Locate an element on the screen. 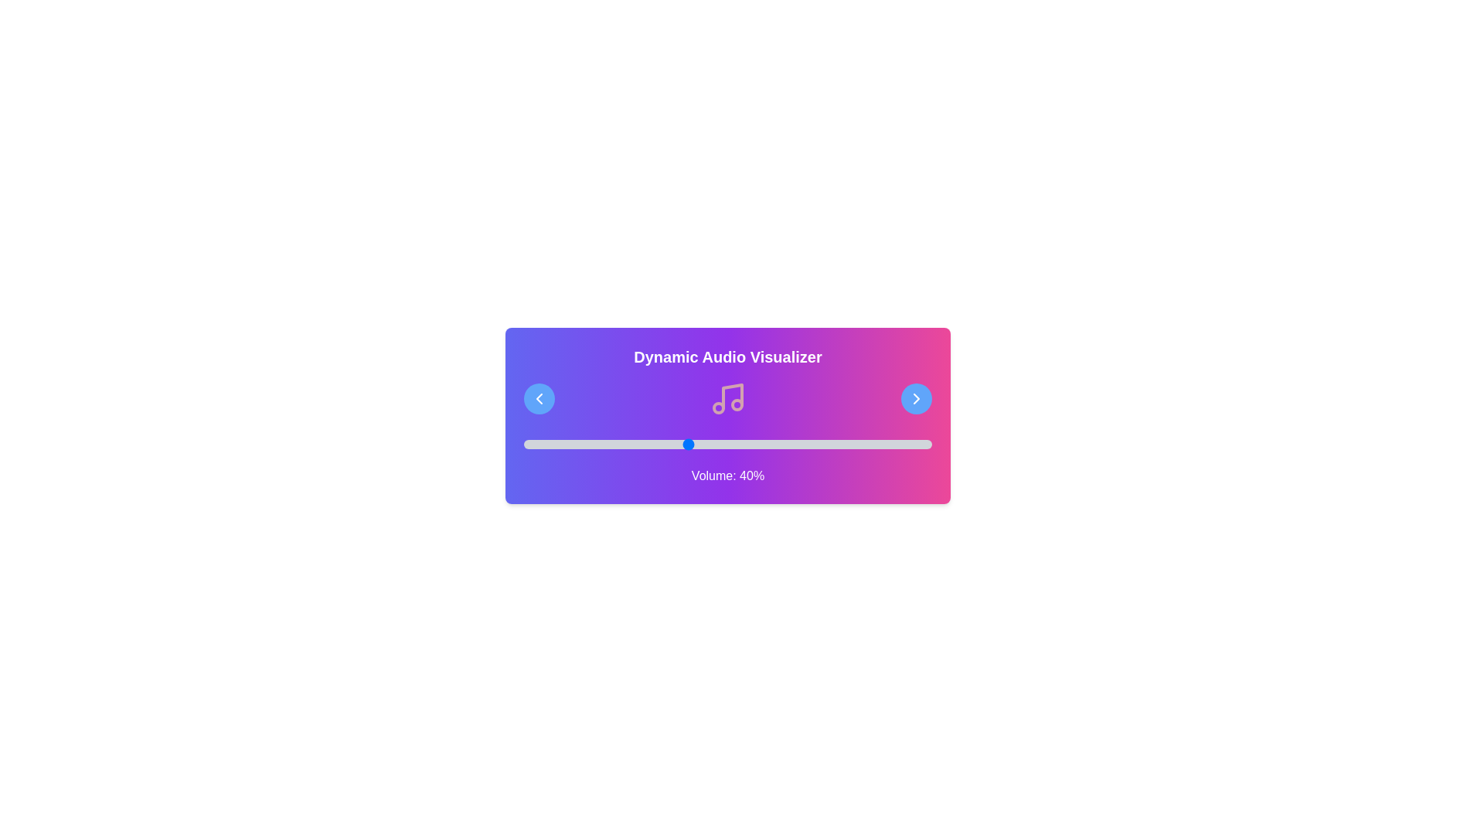  the left navigation button is located at coordinates (539, 398).